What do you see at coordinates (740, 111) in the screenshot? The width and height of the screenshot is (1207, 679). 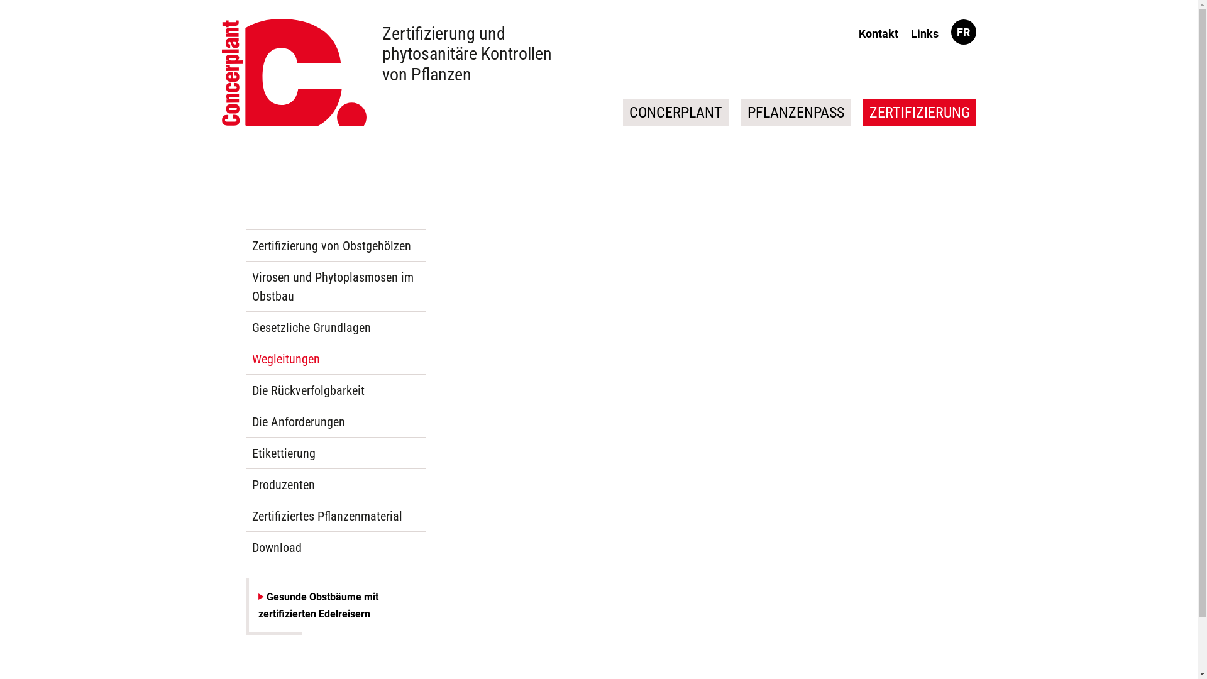 I see `'PFLANZENPASS'` at bounding box center [740, 111].